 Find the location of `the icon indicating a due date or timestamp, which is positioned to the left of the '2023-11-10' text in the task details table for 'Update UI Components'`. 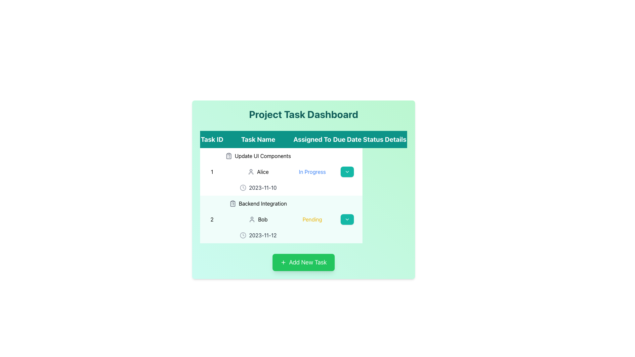

the icon indicating a due date or timestamp, which is positioned to the left of the '2023-11-10' text in the task details table for 'Update UI Components' is located at coordinates (242, 187).